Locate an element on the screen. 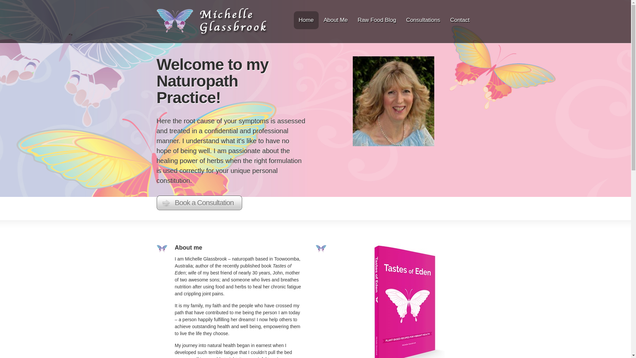  'Contact' is located at coordinates (447, 20).